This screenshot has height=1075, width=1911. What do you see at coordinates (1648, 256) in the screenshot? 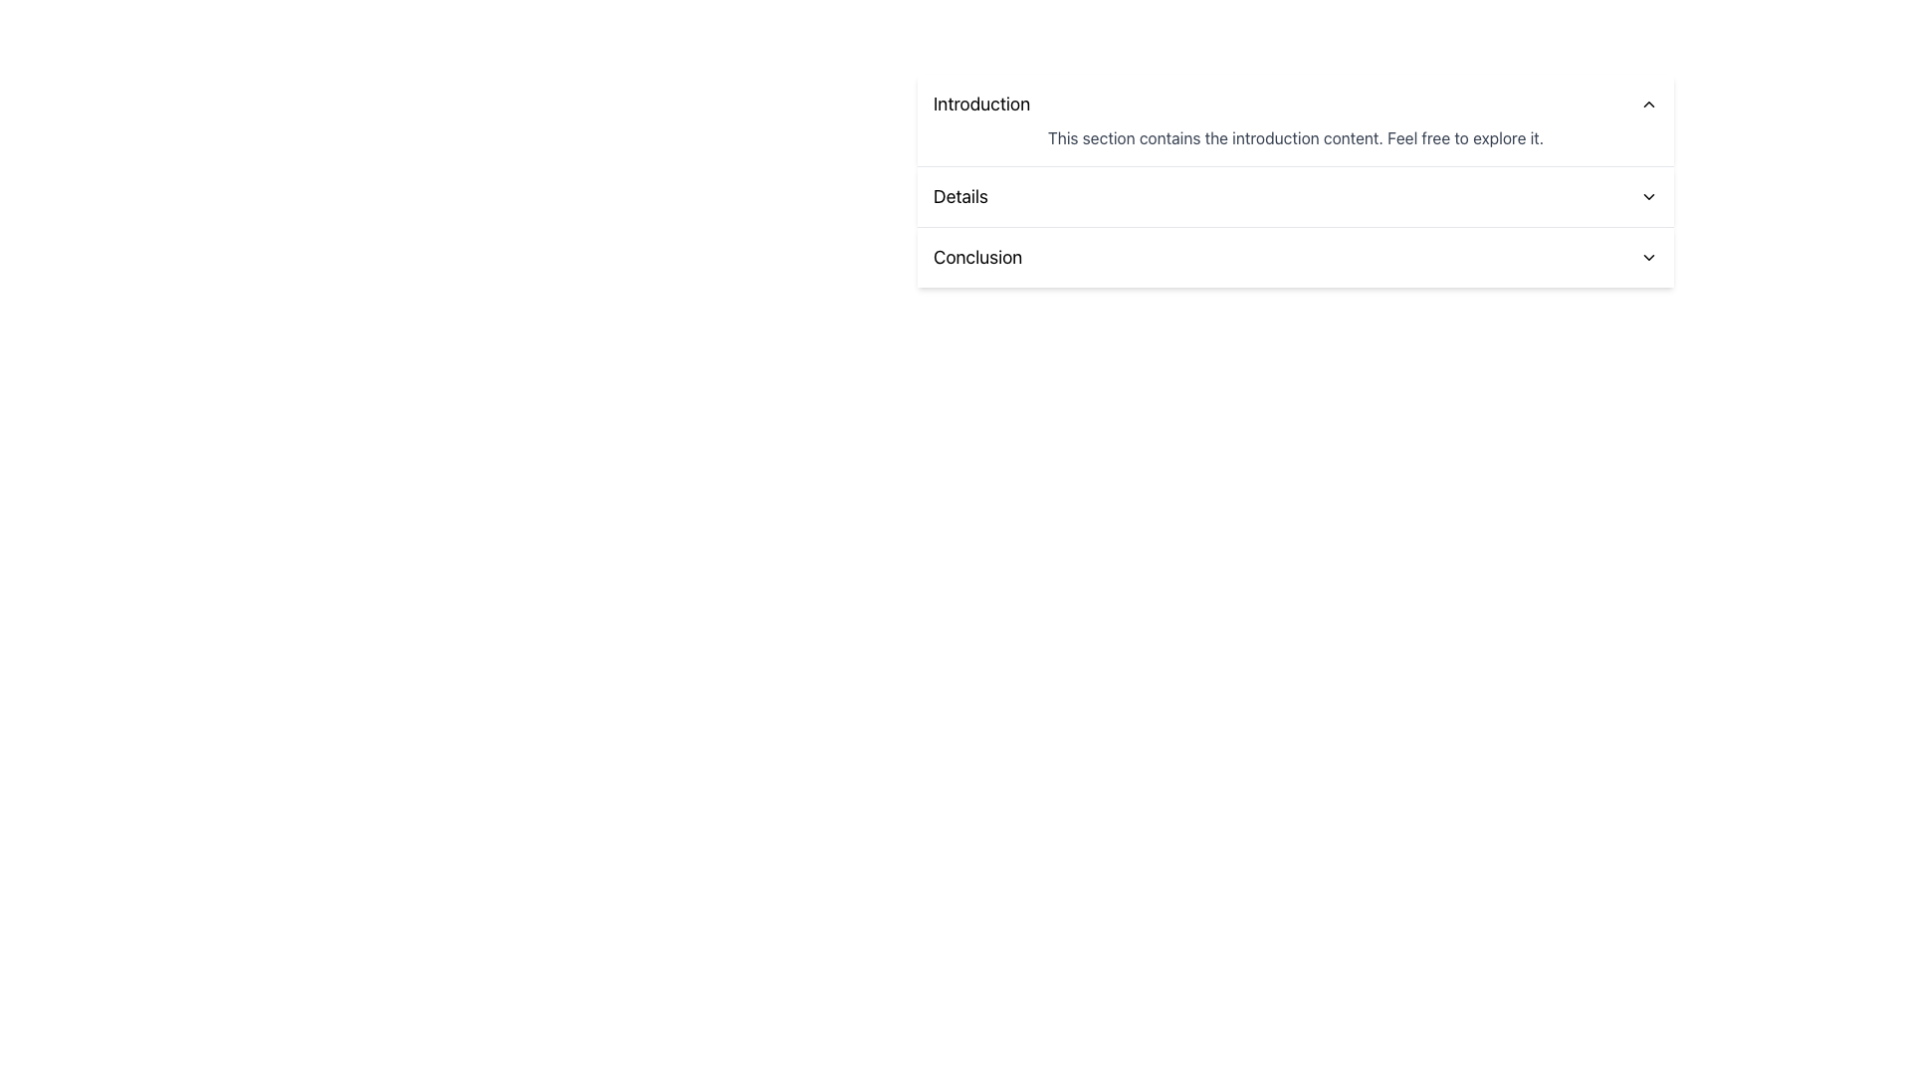
I see `the Chevron Icon located to the right of the 'Conclusion' text, which is a small, downward-pointing arrow icon with a minimalist outline` at bounding box center [1648, 256].